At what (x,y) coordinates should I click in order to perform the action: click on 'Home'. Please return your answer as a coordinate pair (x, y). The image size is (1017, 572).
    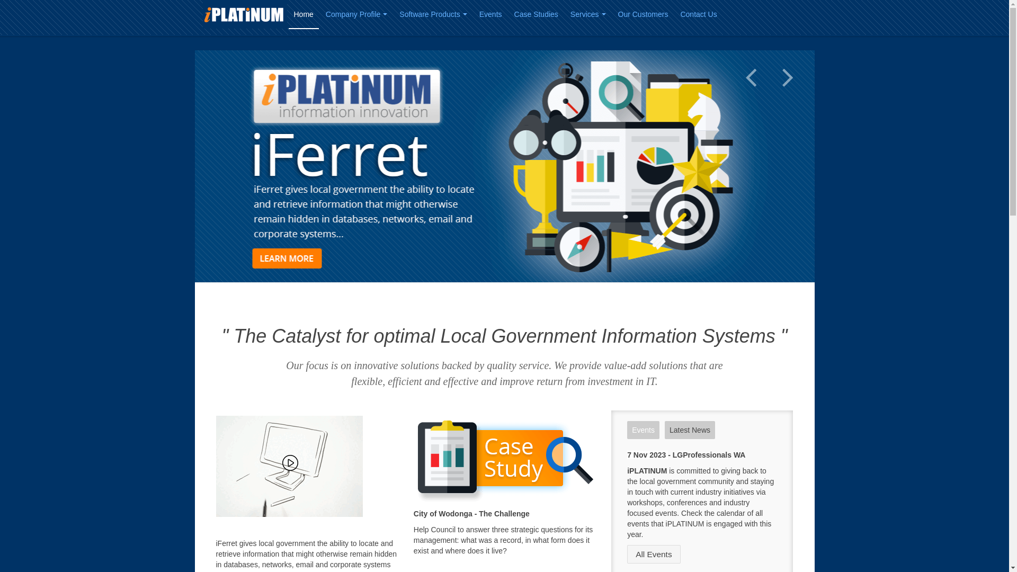
    Looking at the image, I should click on (302, 14).